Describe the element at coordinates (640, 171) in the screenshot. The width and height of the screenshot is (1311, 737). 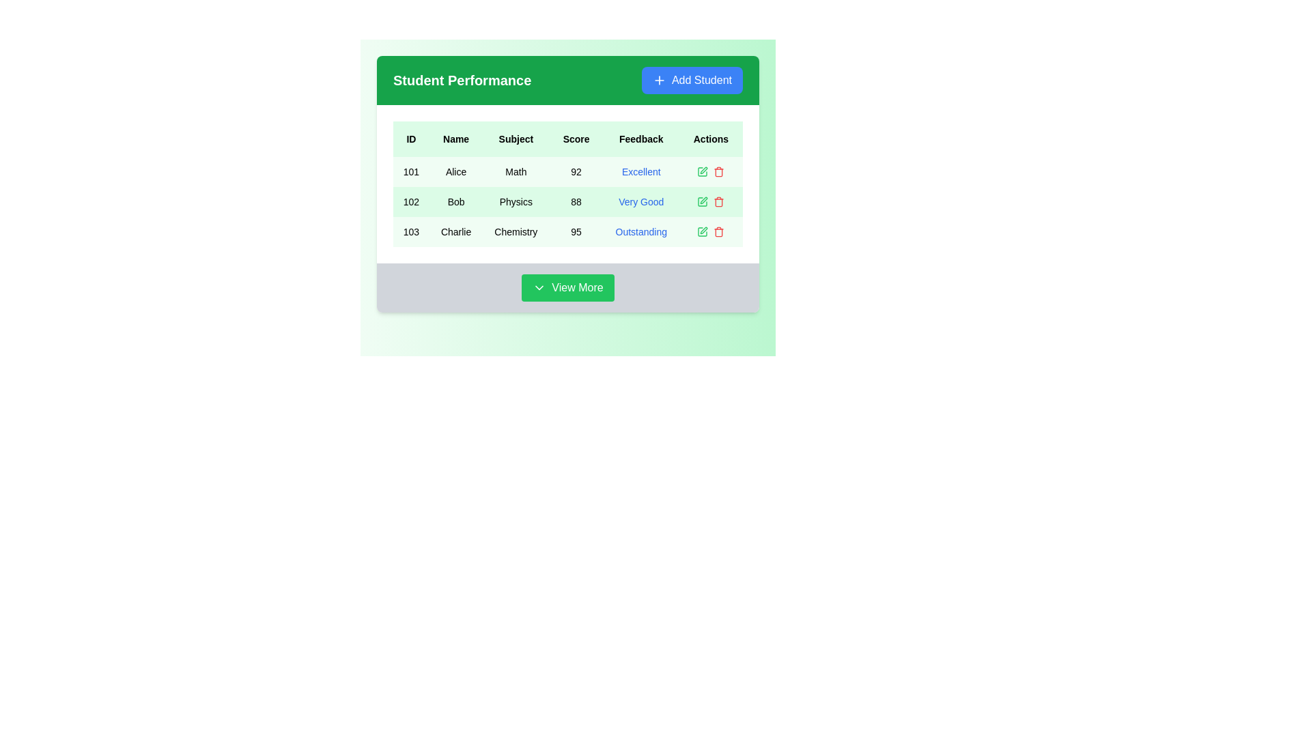
I see `the 'Excellent' text label in bold blue font located in the 'Feedback' column of the performance table for 'Alice'` at that location.